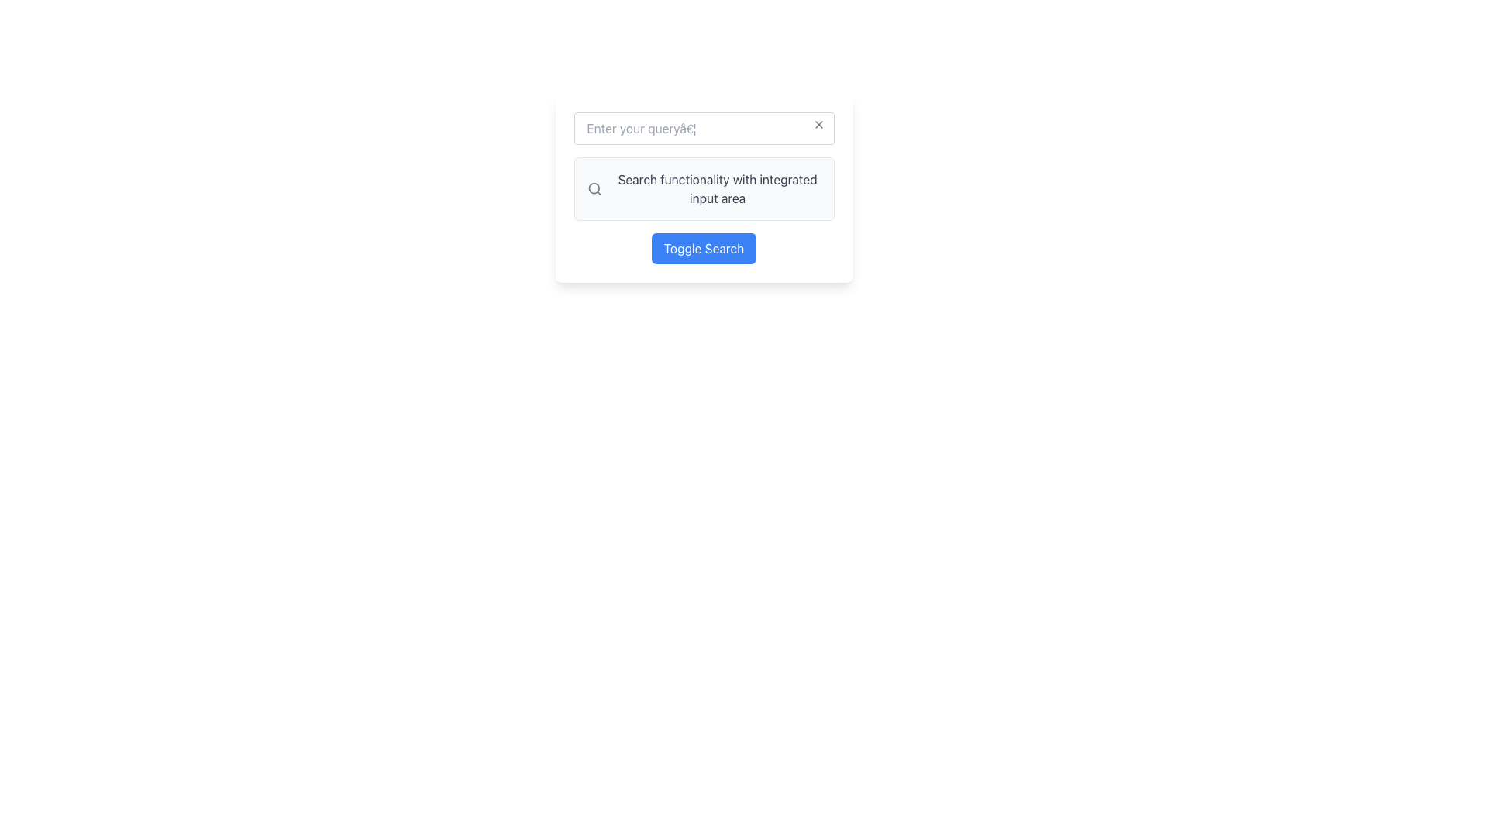  What do you see at coordinates (818, 124) in the screenshot?
I see `the X icon button located to the top-right of the 'Enter your query…' text input field to clear the text input` at bounding box center [818, 124].